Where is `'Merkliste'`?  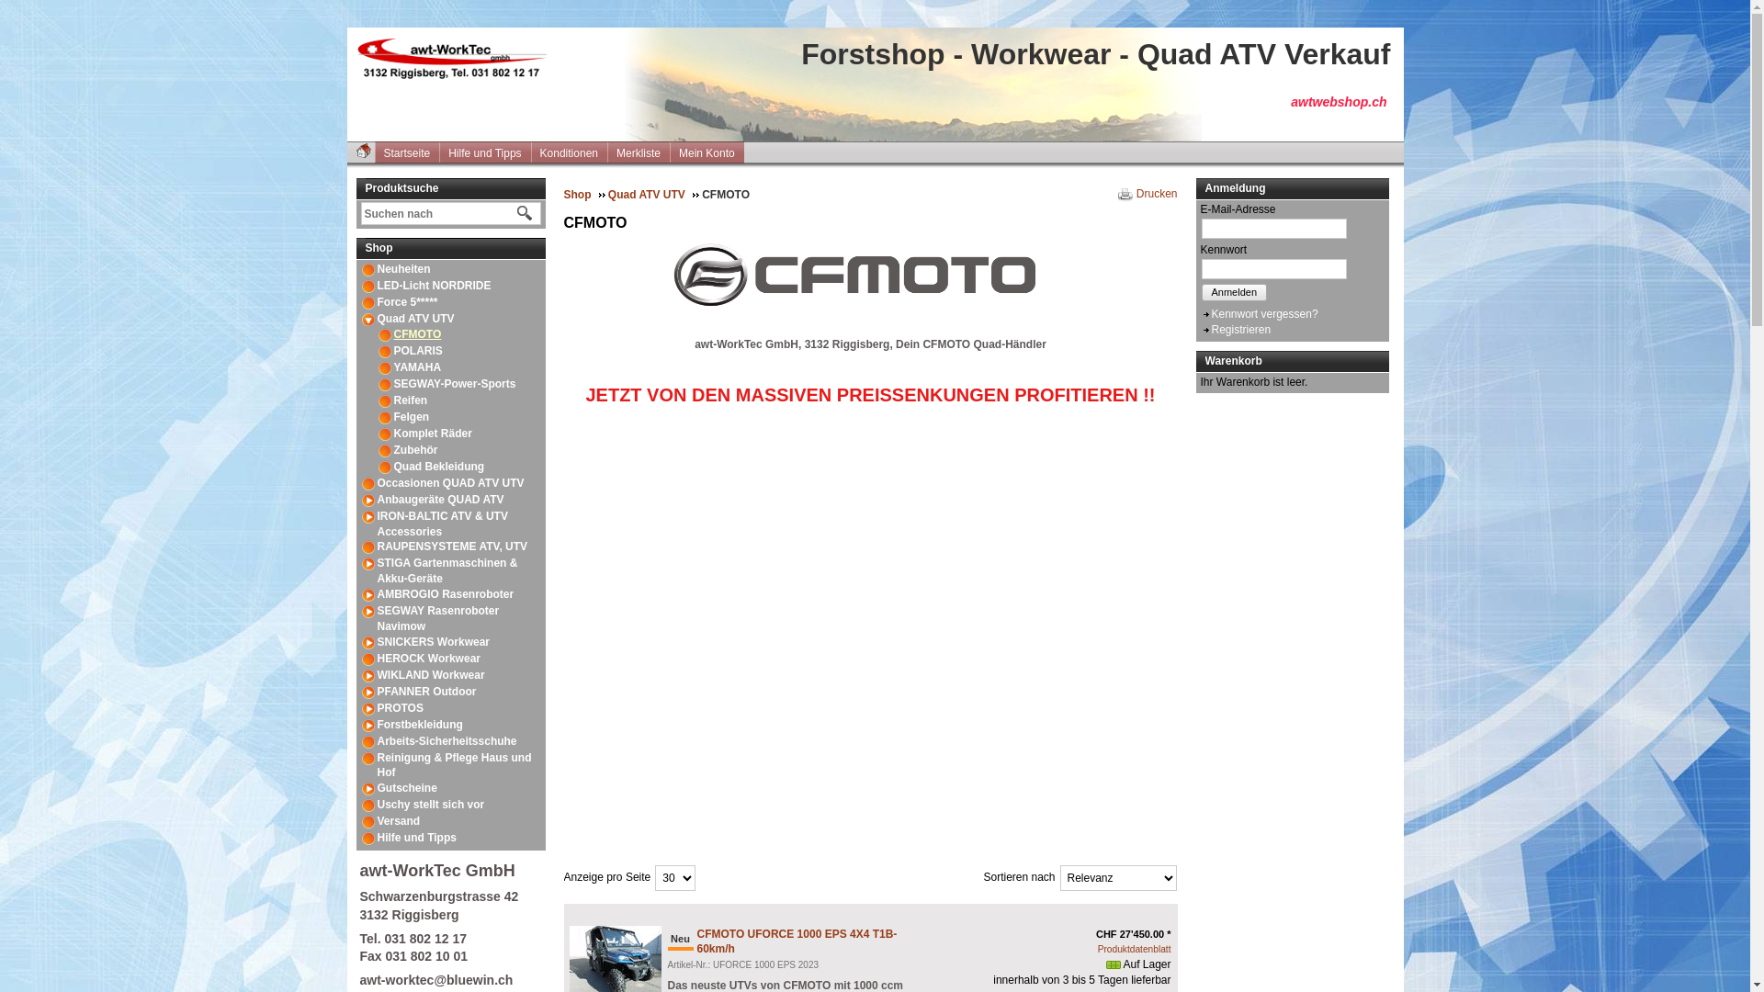
'Merkliste' is located at coordinates (643, 152).